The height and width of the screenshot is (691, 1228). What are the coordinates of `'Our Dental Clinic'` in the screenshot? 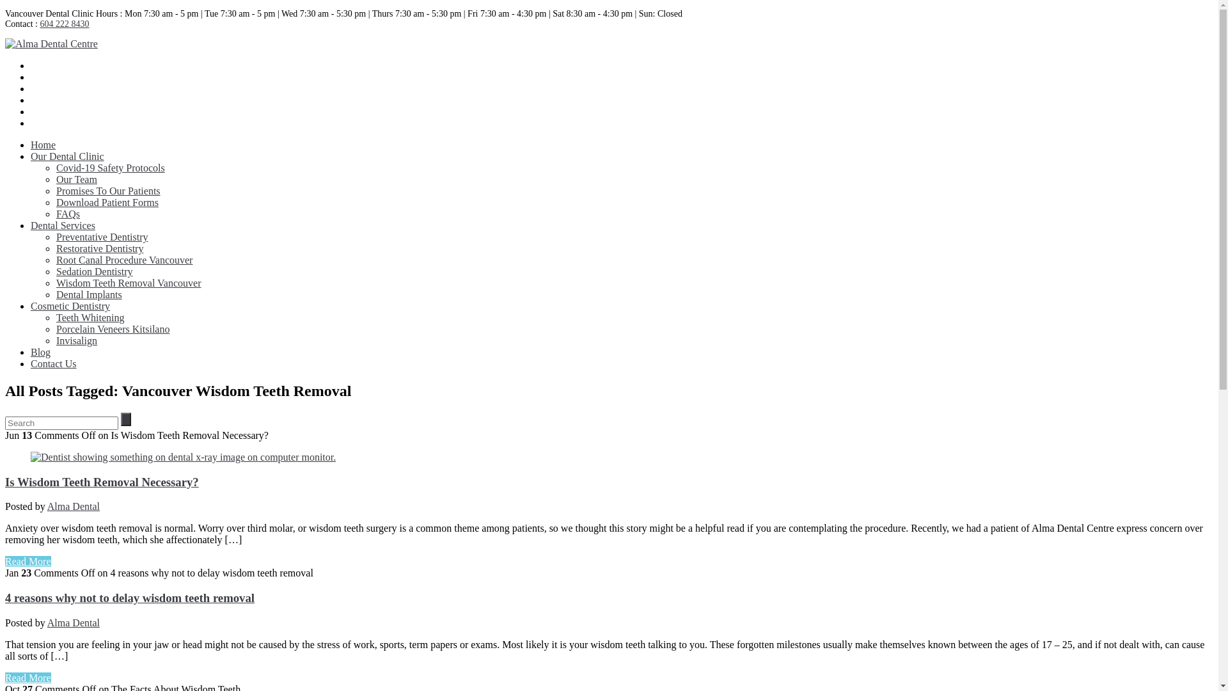 It's located at (31, 155).